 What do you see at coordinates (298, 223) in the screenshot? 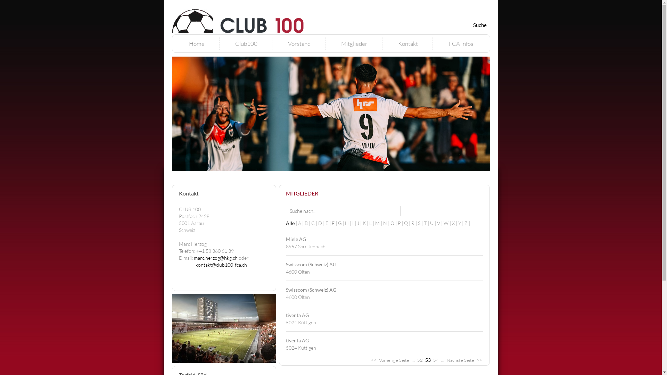
I see `'A'` at bounding box center [298, 223].